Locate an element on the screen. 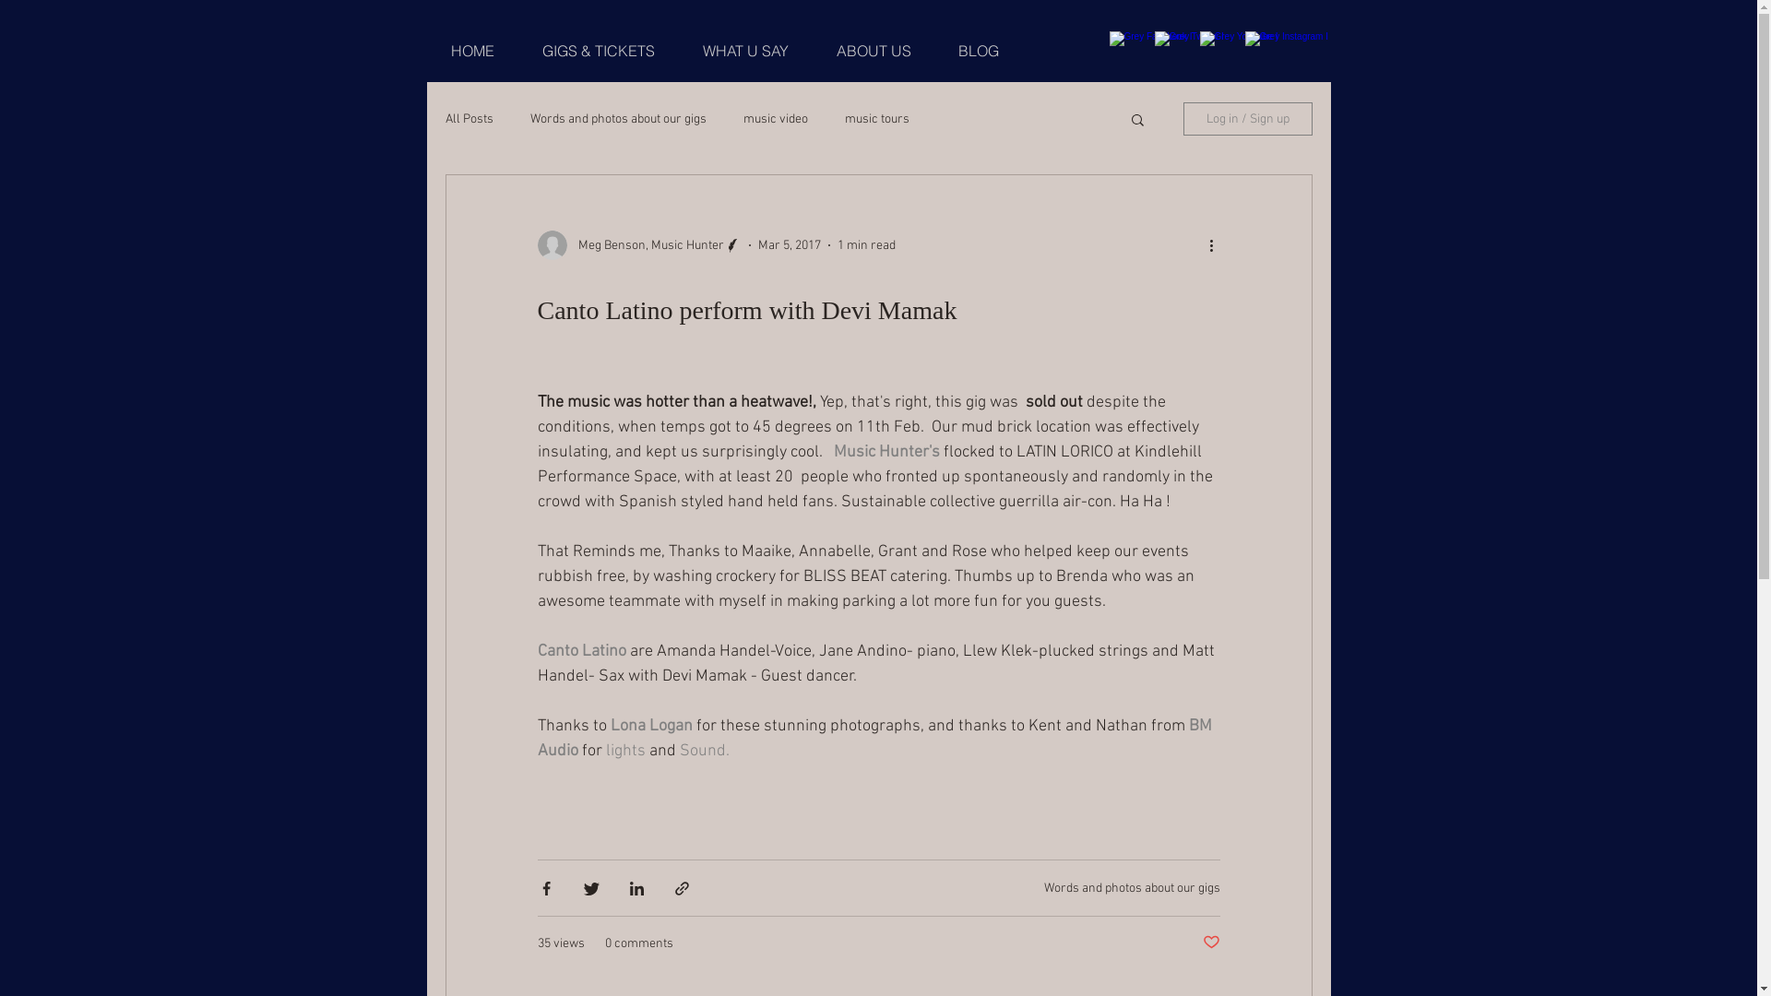 This screenshot has height=996, width=1771. 'All Posts' is located at coordinates (444, 118).